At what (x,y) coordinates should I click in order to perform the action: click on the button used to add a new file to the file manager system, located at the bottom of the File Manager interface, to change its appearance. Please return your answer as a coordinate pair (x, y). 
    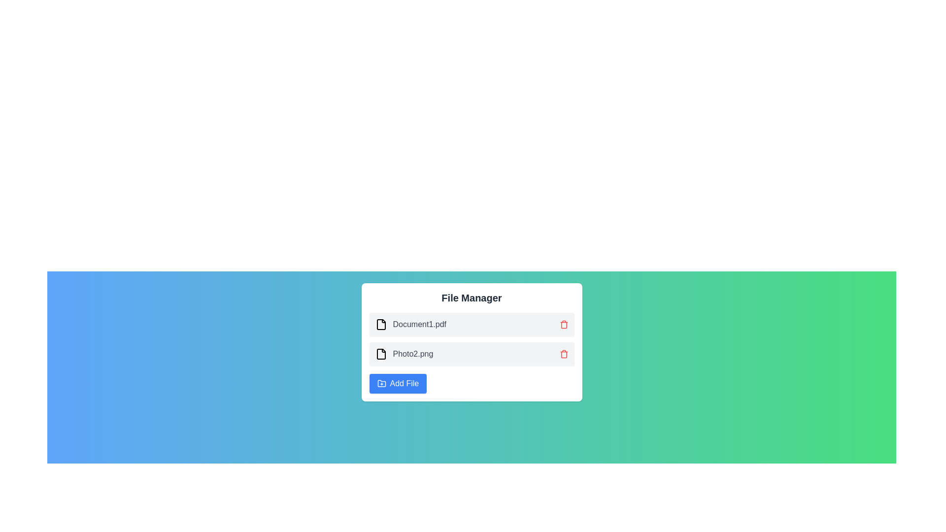
    Looking at the image, I should click on (398, 383).